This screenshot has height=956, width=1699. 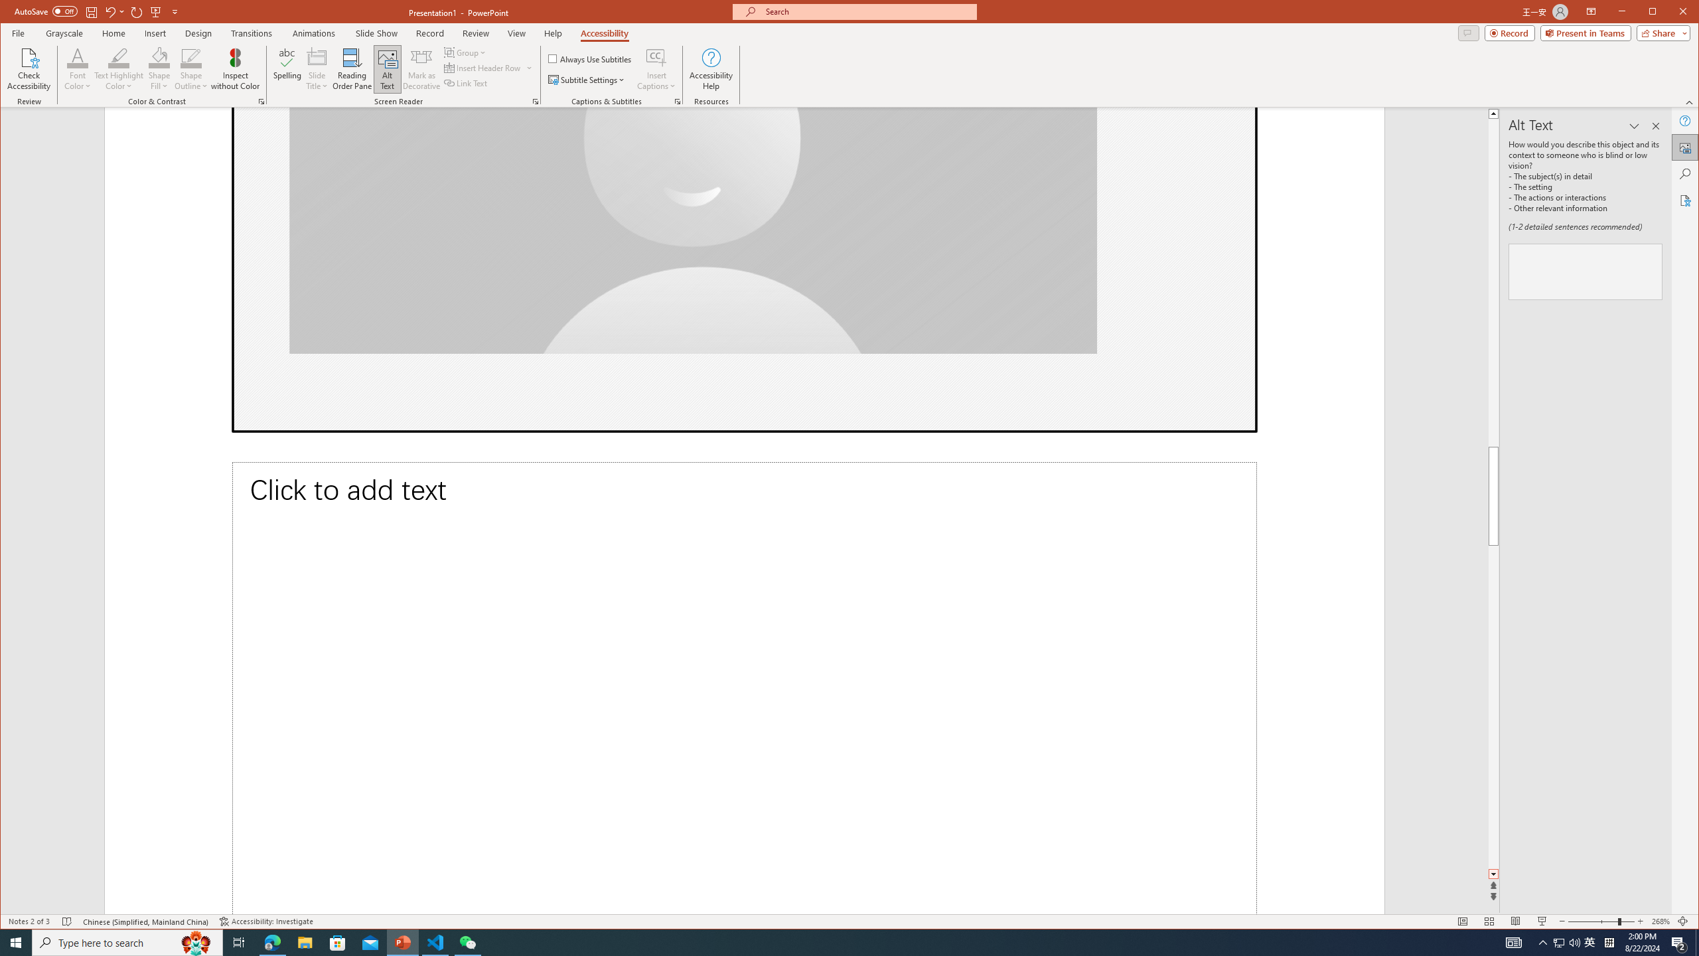 I want to click on 'Subtitle Settings', so click(x=587, y=79).